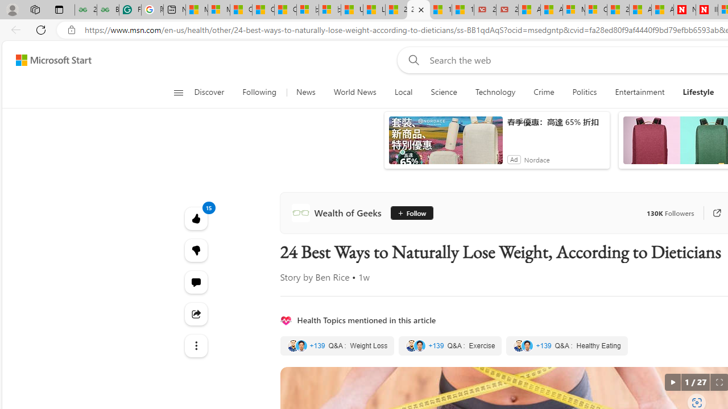  What do you see at coordinates (507, 10) in the screenshot?
I see `'21 Movies That Outdid the Books They Were Based On'` at bounding box center [507, 10].